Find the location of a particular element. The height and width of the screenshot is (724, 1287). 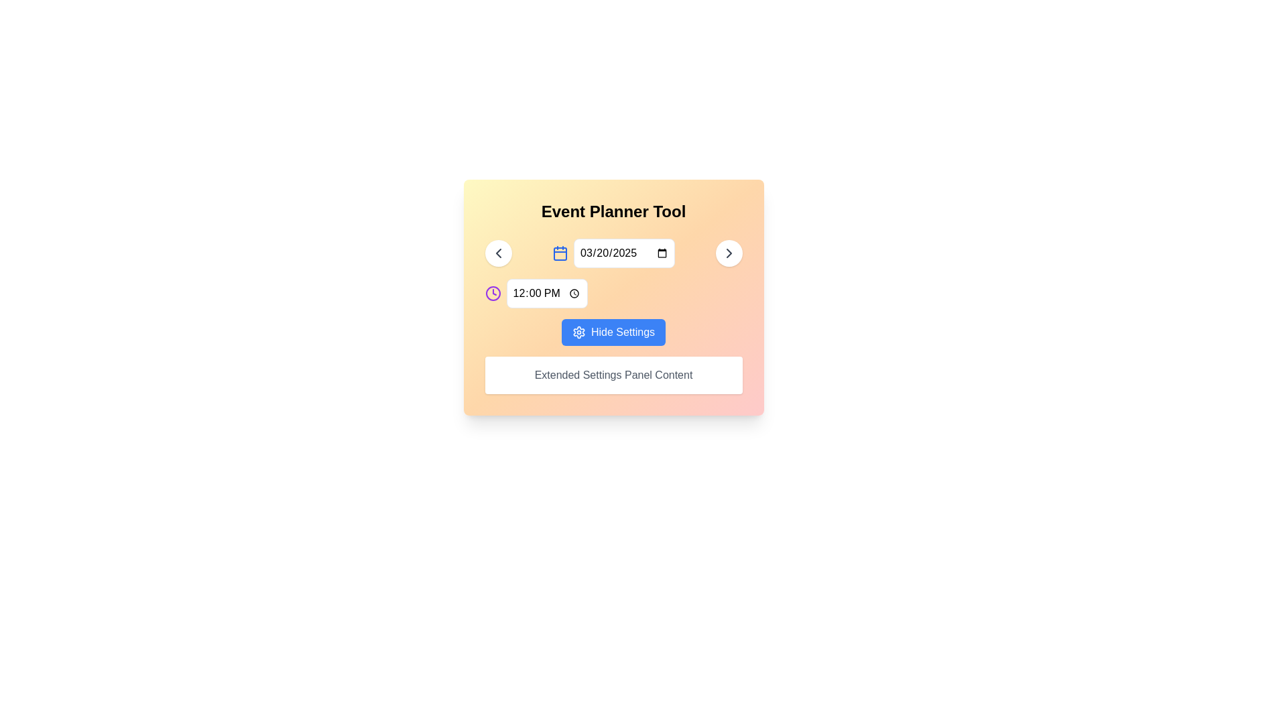

a time from the dropdown in the Time input field located next to the clock icon, below the 'Event Planner Tool' title and the date input field is located at coordinates (547, 293).